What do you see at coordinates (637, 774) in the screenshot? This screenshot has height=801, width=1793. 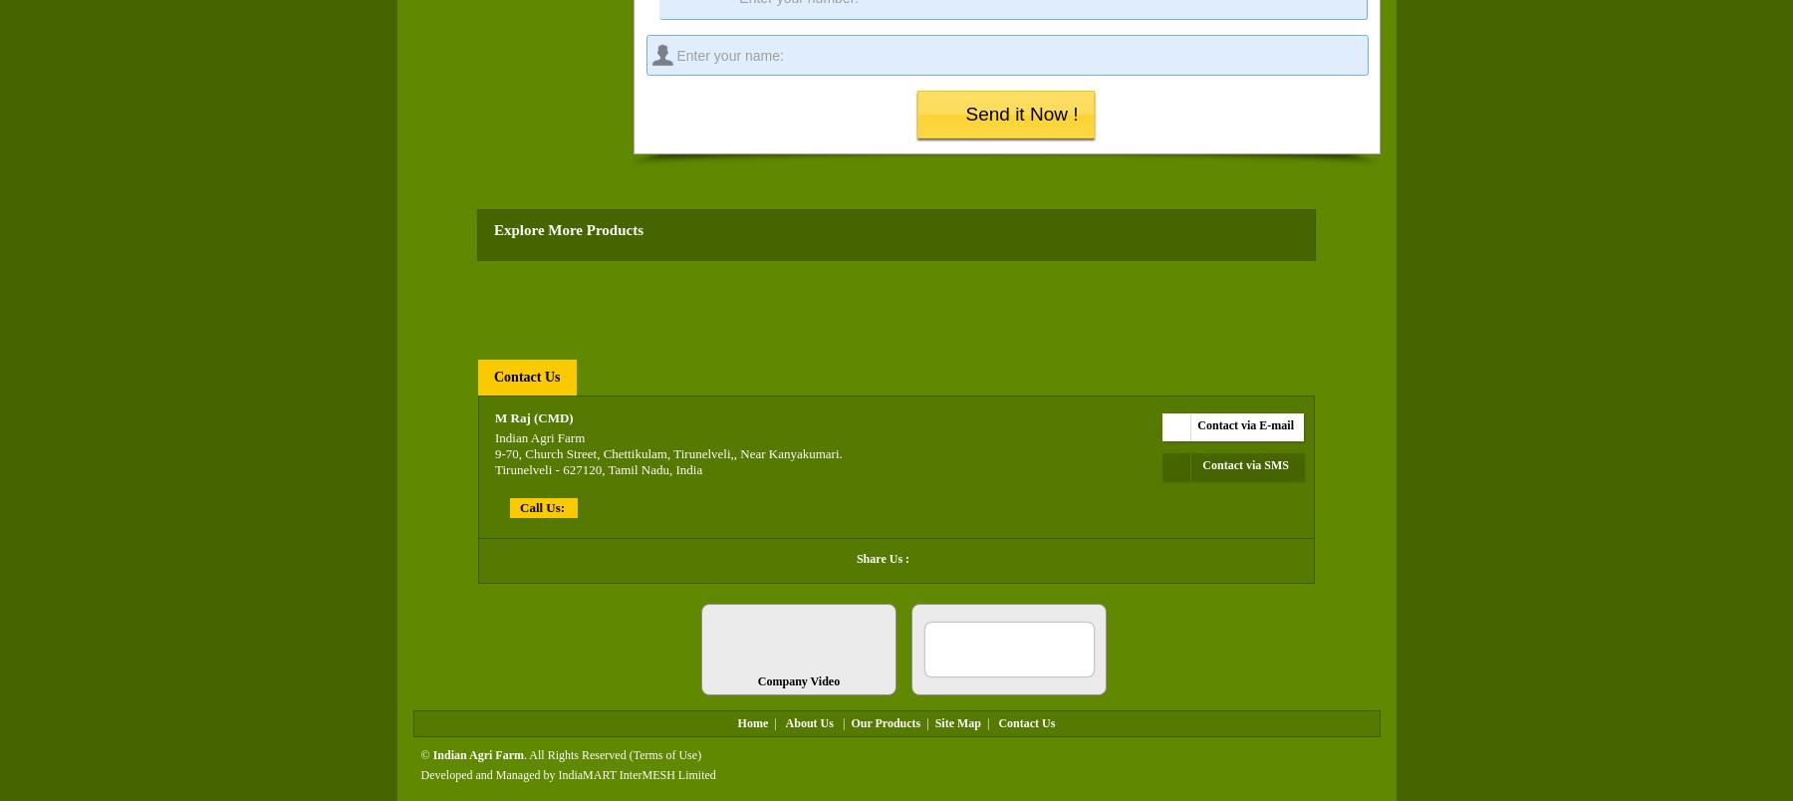 I see `'IndiaMART InterMESH Limited'` at bounding box center [637, 774].